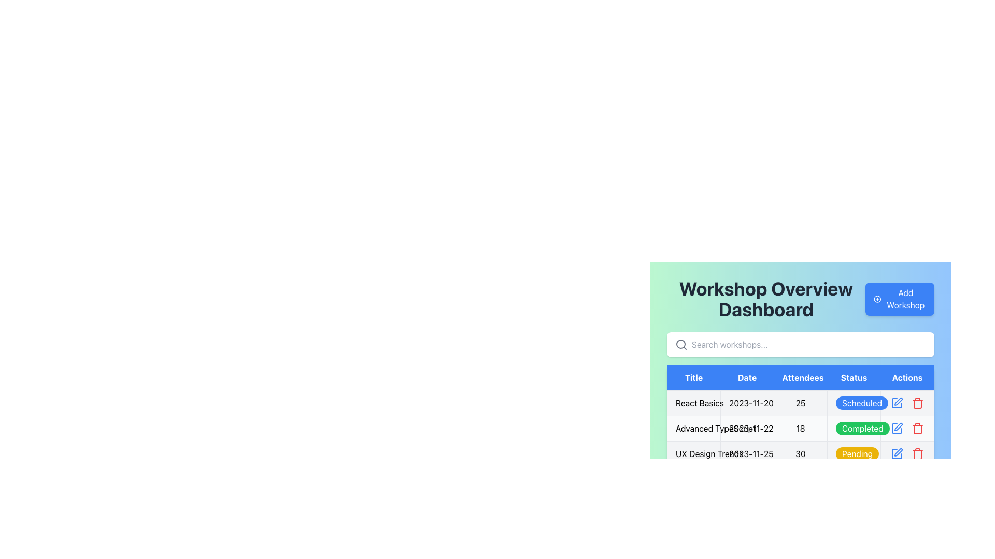 The height and width of the screenshot is (559, 995). I want to click on the blue rectangular button labeled 'Status' which is the fourth element in a row of five header labels in the table layout, so click(854, 377).